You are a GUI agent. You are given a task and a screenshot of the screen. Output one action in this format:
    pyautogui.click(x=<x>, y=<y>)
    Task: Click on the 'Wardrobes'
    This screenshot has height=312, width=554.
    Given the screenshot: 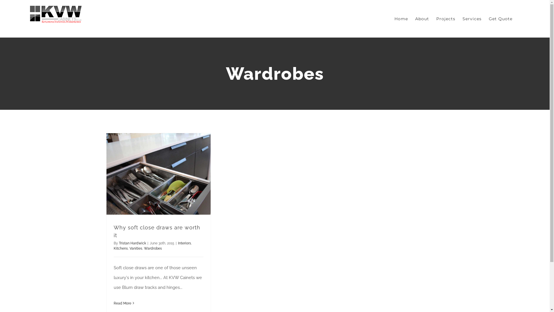 What is the action you would take?
    pyautogui.click(x=152, y=248)
    